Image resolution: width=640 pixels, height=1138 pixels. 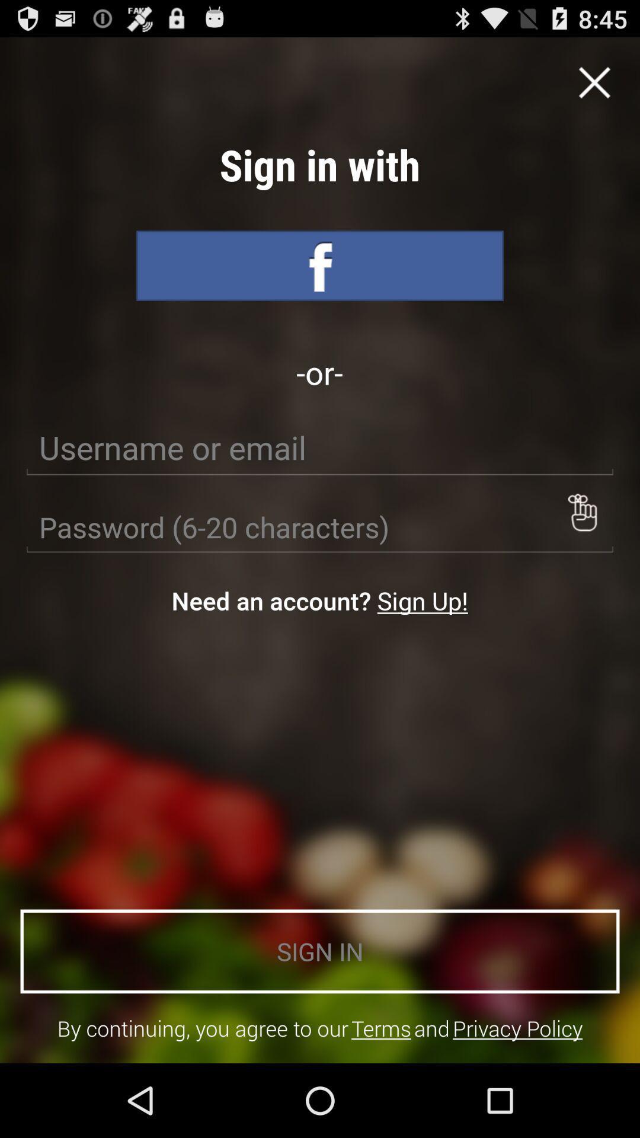 What do you see at coordinates (594, 82) in the screenshot?
I see `icon at the top right corner` at bounding box center [594, 82].